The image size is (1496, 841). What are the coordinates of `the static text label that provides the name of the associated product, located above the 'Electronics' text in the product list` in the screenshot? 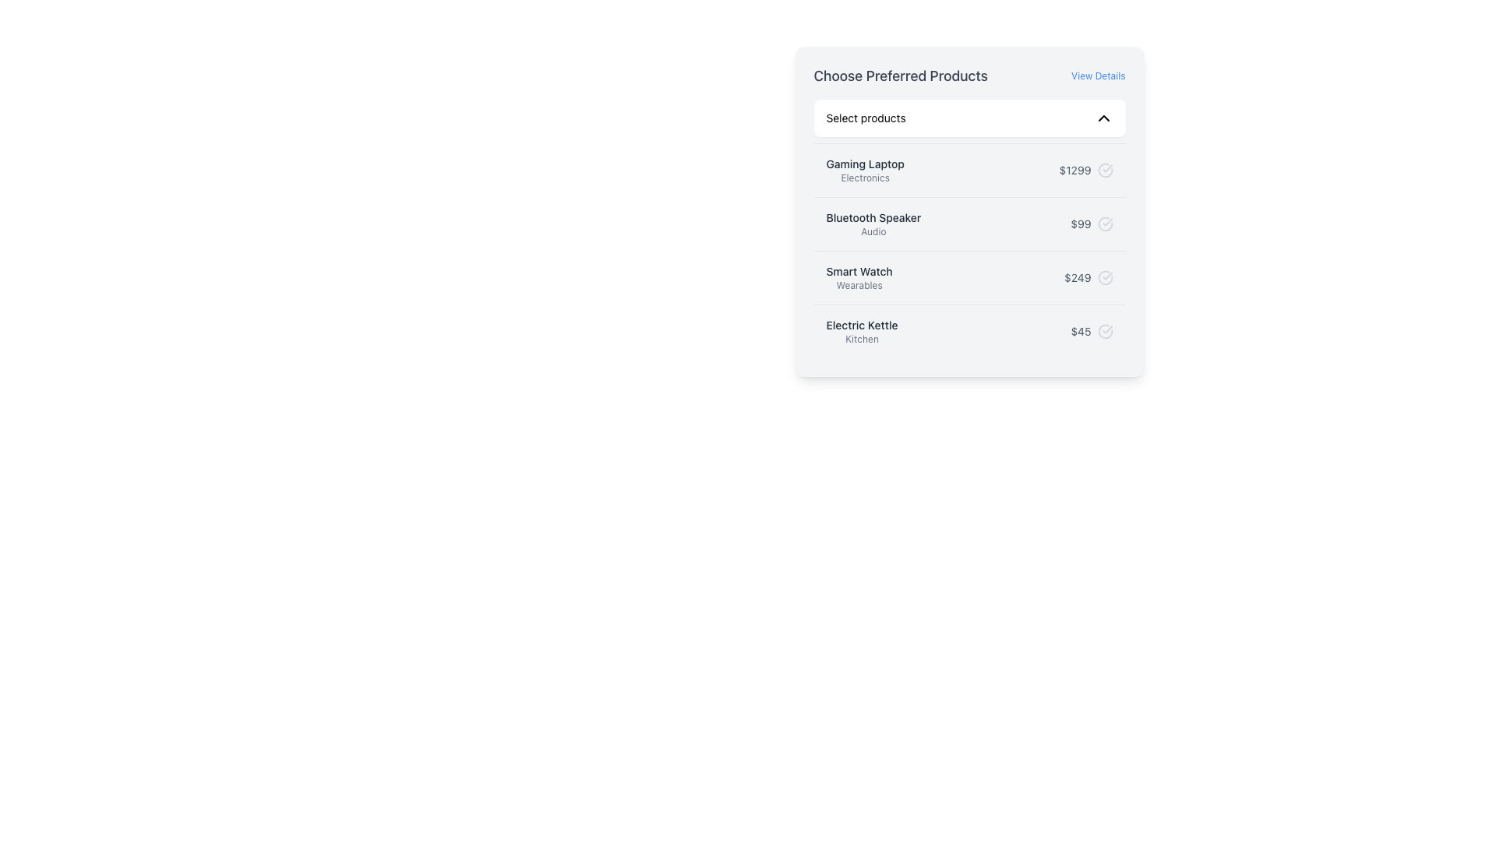 It's located at (864, 164).